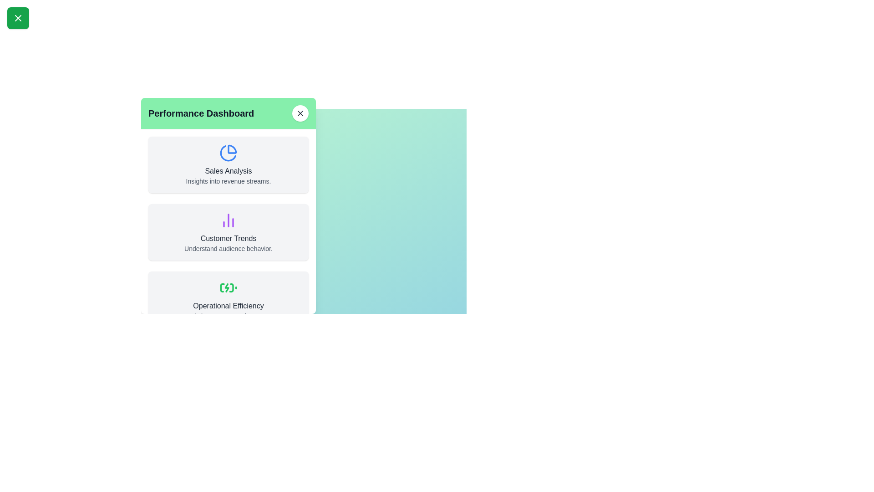 Image resolution: width=874 pixels, height=492 pixels. I want to click on the Informational card located in the Performance Dashboard sidebar, positioned between the Sales Analysis and Operational Efficiency cards, so click(229, 231).